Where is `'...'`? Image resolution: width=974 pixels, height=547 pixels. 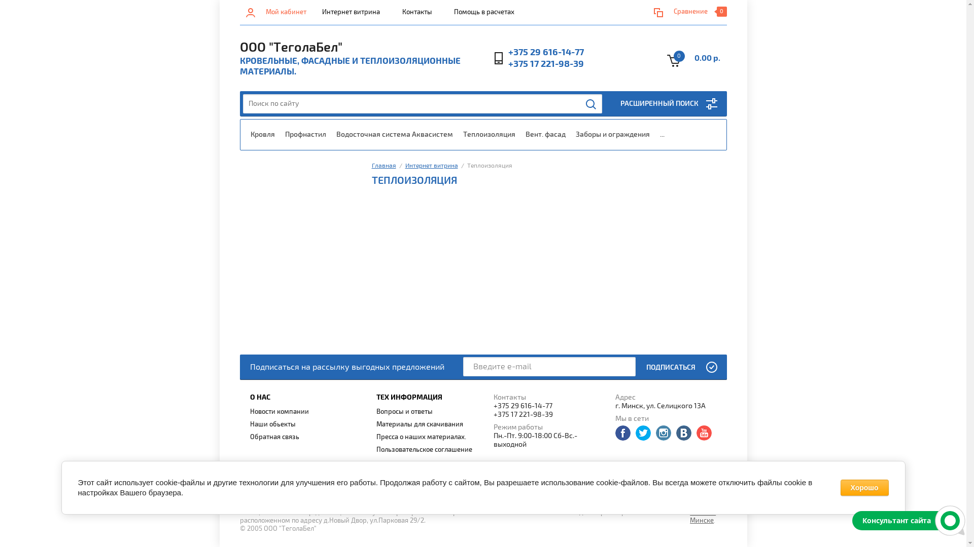
'...' is located at coordinates (662, 134).